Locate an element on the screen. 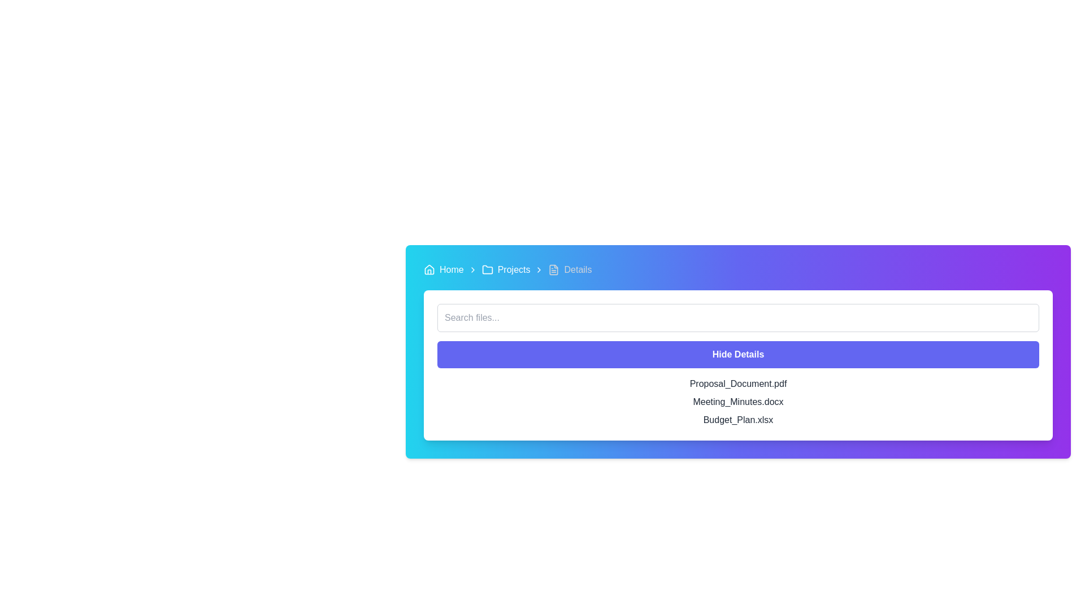 The width and height of the screenshot is (1085, 610). the home icon, which is a white house-shaped SVG icon located in the top navigation bar is located at coordinates (428, 270).